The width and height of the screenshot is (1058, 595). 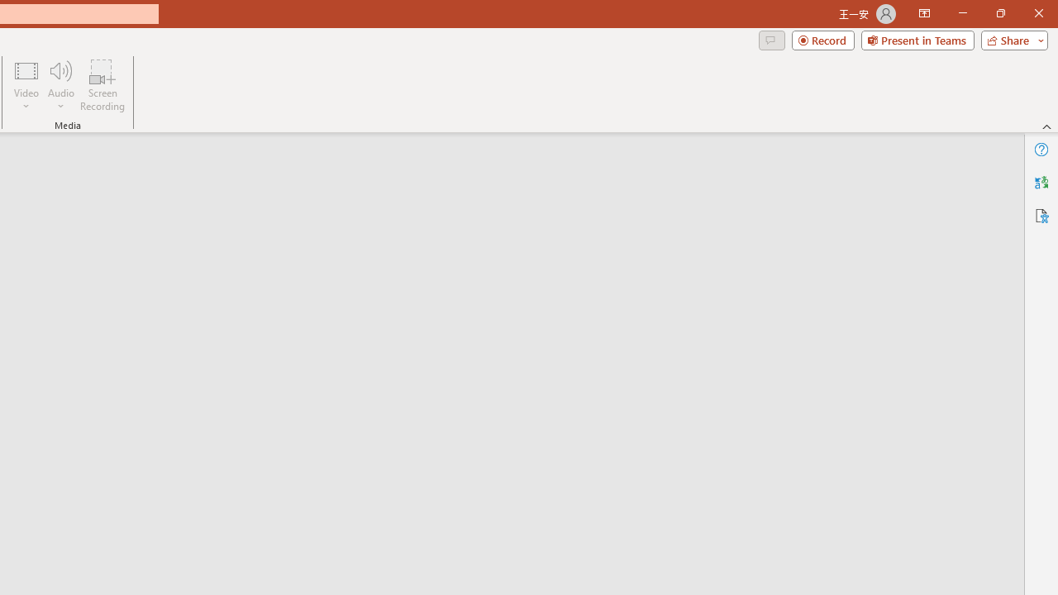 What do you see at coordinates (1046, 126) in the screenshot?
I see `'Collapse the Ribbon'` at bounding box center [1046, 126].